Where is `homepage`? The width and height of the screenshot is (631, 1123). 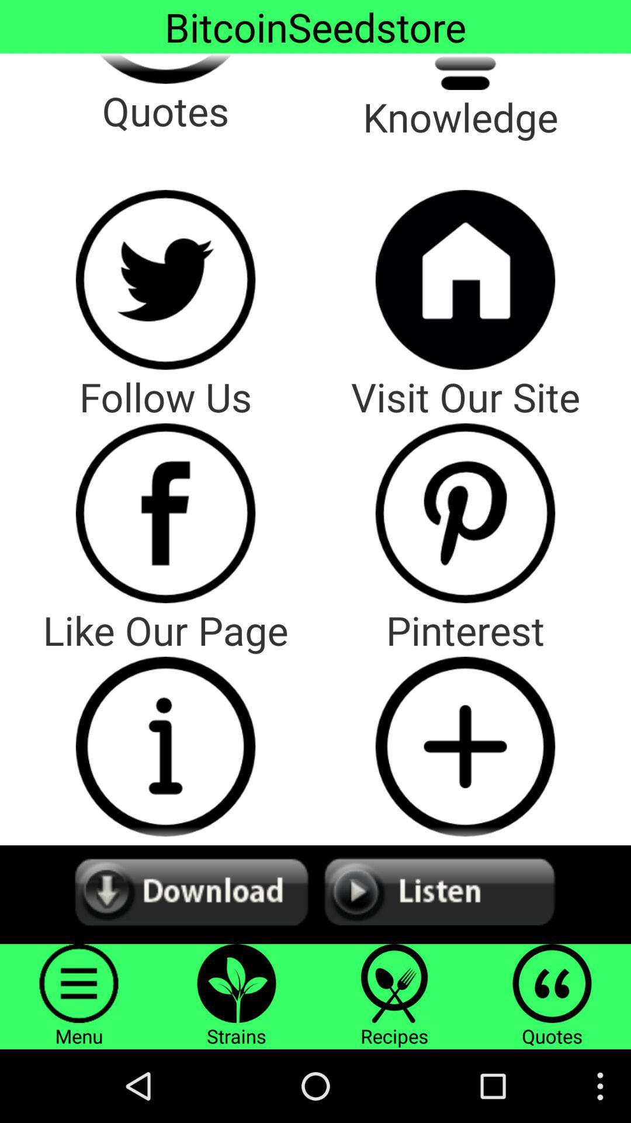 homepage is located at coordinates (464, 279).